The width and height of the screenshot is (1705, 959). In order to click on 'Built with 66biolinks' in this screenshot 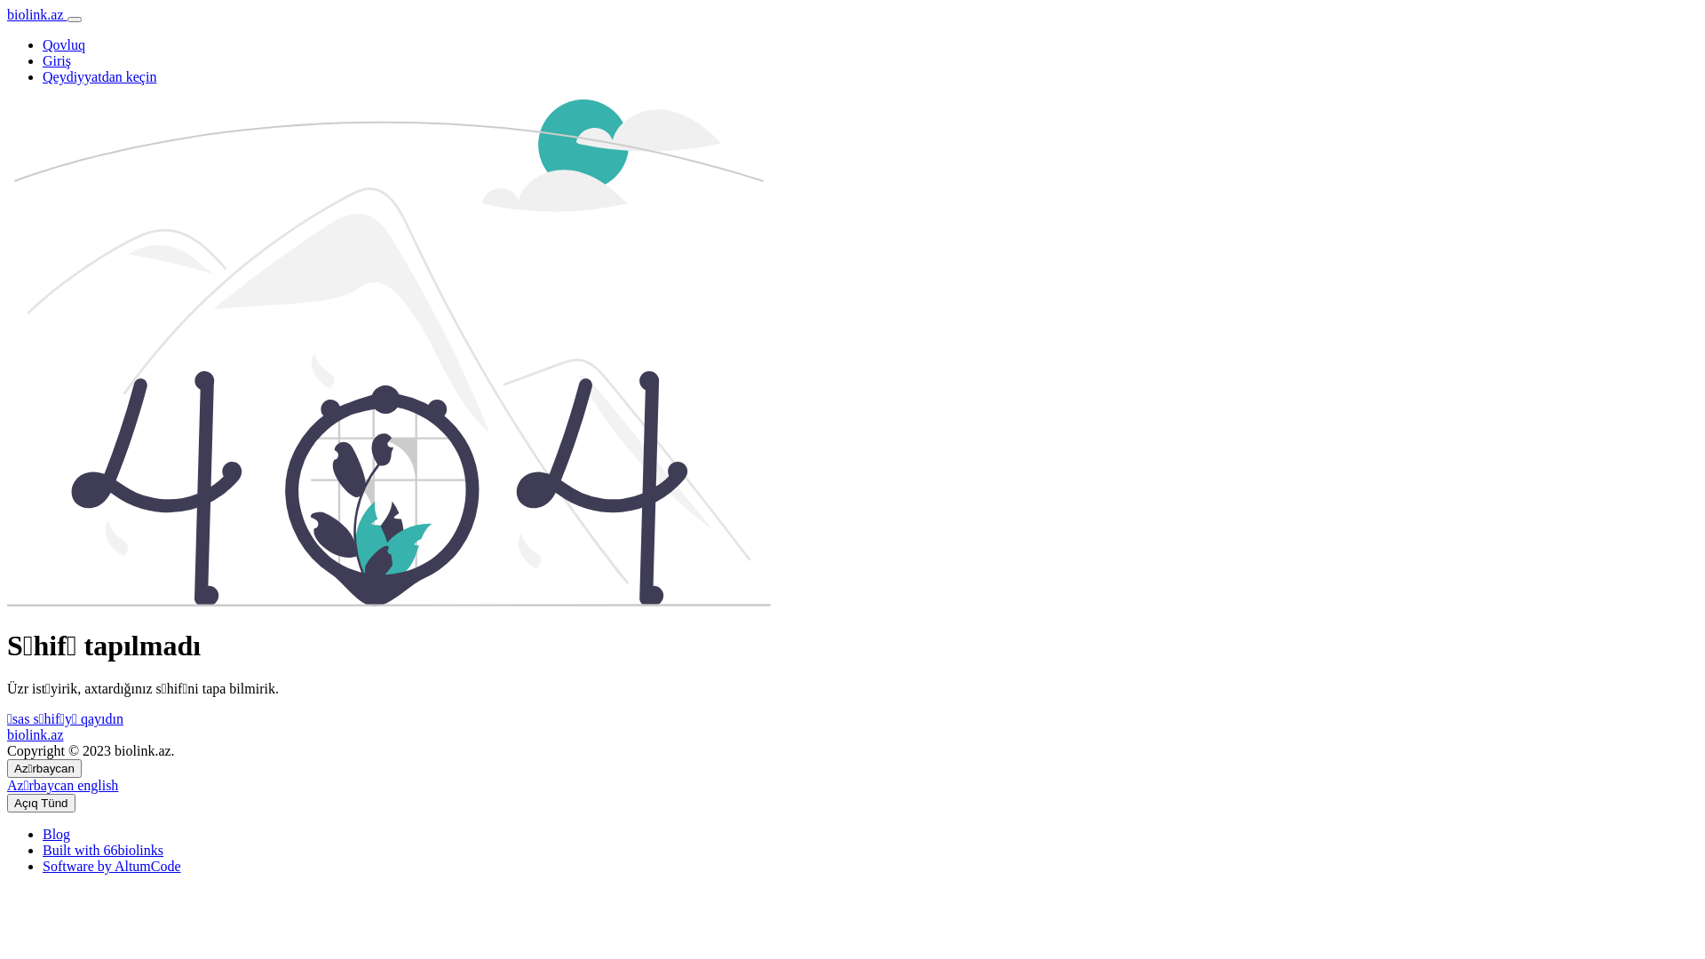, I will do `click(43, 849)`.